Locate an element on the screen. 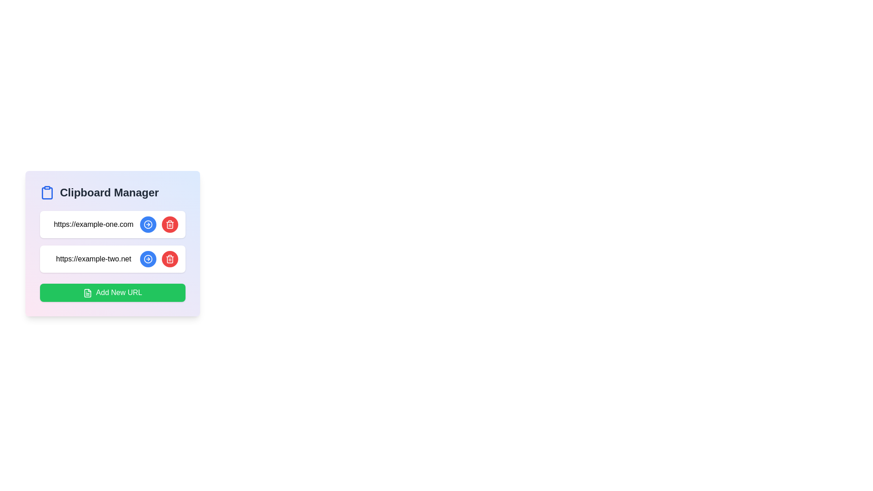 The width and height of the screenshot is (873, 491). the 'Add New URL' button with a green background and white text located at the bottom of the 'Clipboard Manager' card layout is located at coordinates (112, 293).